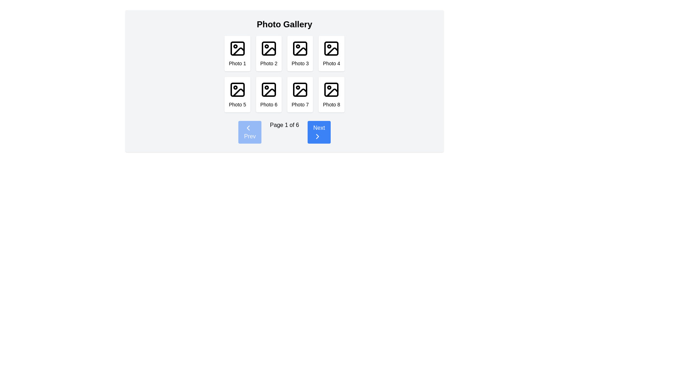  I want to click on the List item displaying the 'Photo 8' text and a photo outline icon, so click(331, 94).